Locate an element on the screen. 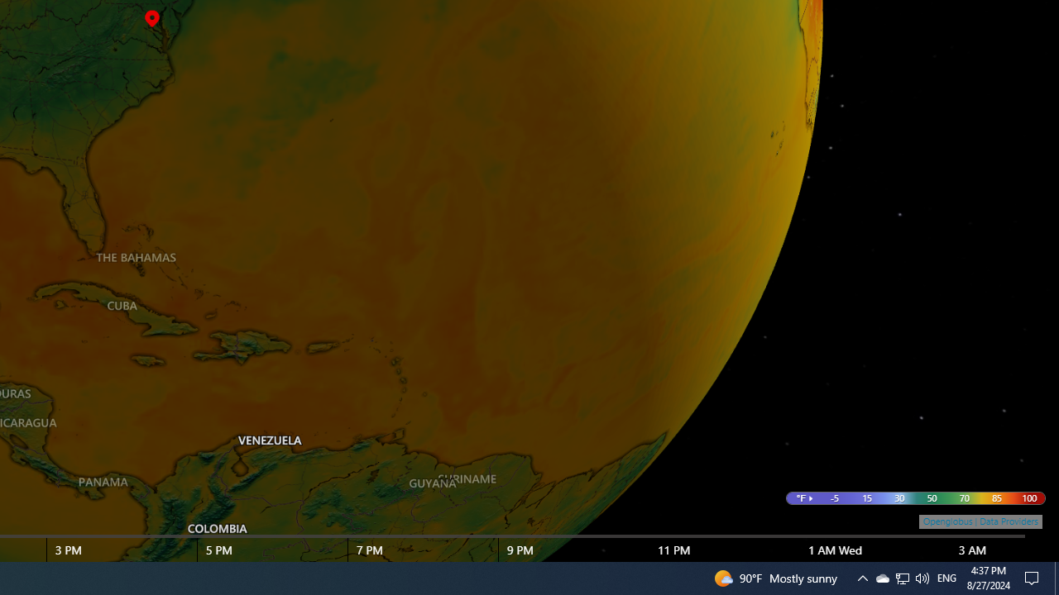 This screenshot has height=595, width=1059. 'Tray Input Indicator - English (United States)' is located at coordinates (946, 577).